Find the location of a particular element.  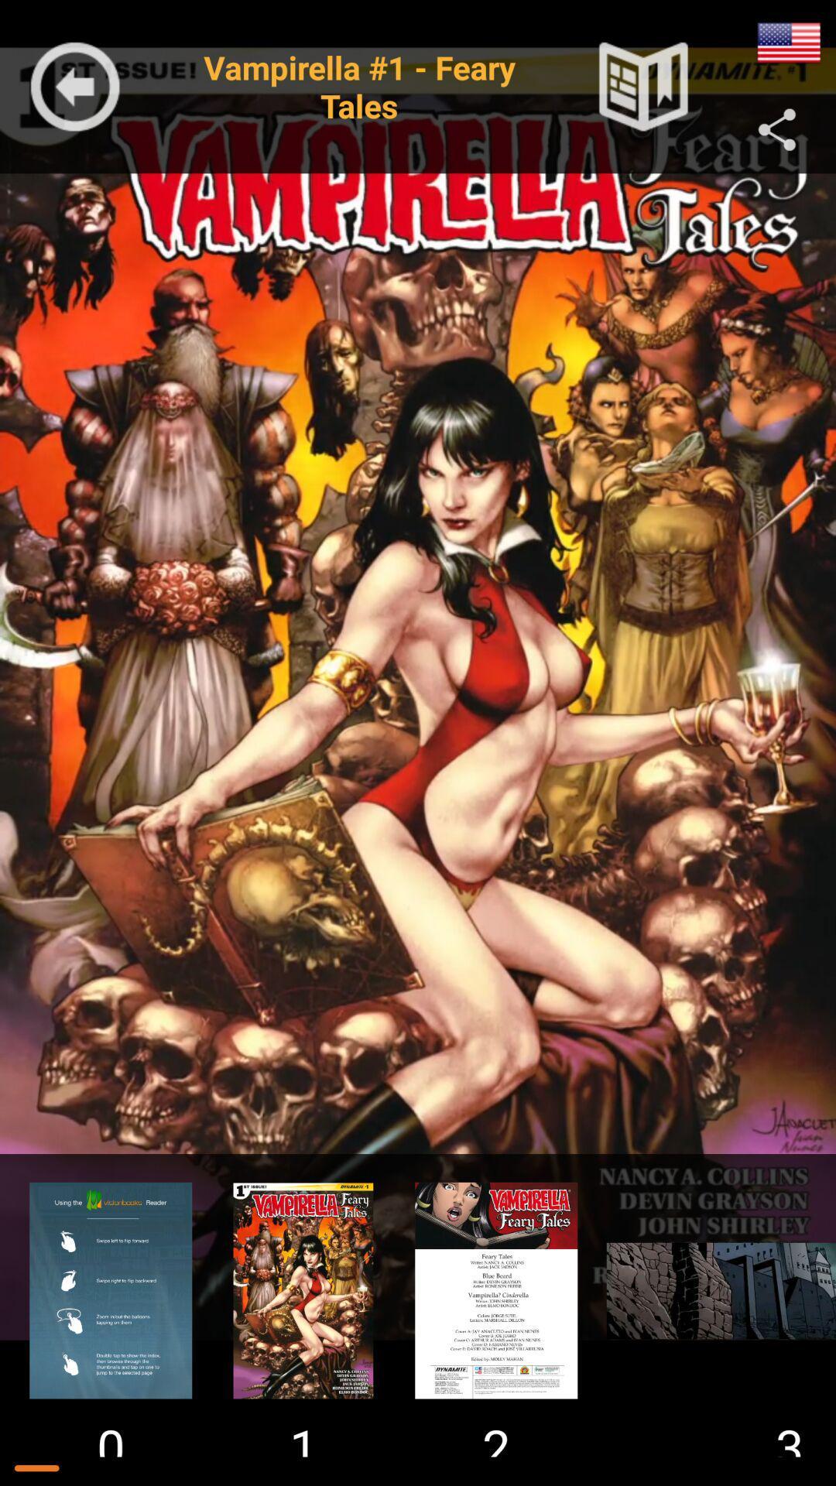

image is located at coordinates (714, 1290).